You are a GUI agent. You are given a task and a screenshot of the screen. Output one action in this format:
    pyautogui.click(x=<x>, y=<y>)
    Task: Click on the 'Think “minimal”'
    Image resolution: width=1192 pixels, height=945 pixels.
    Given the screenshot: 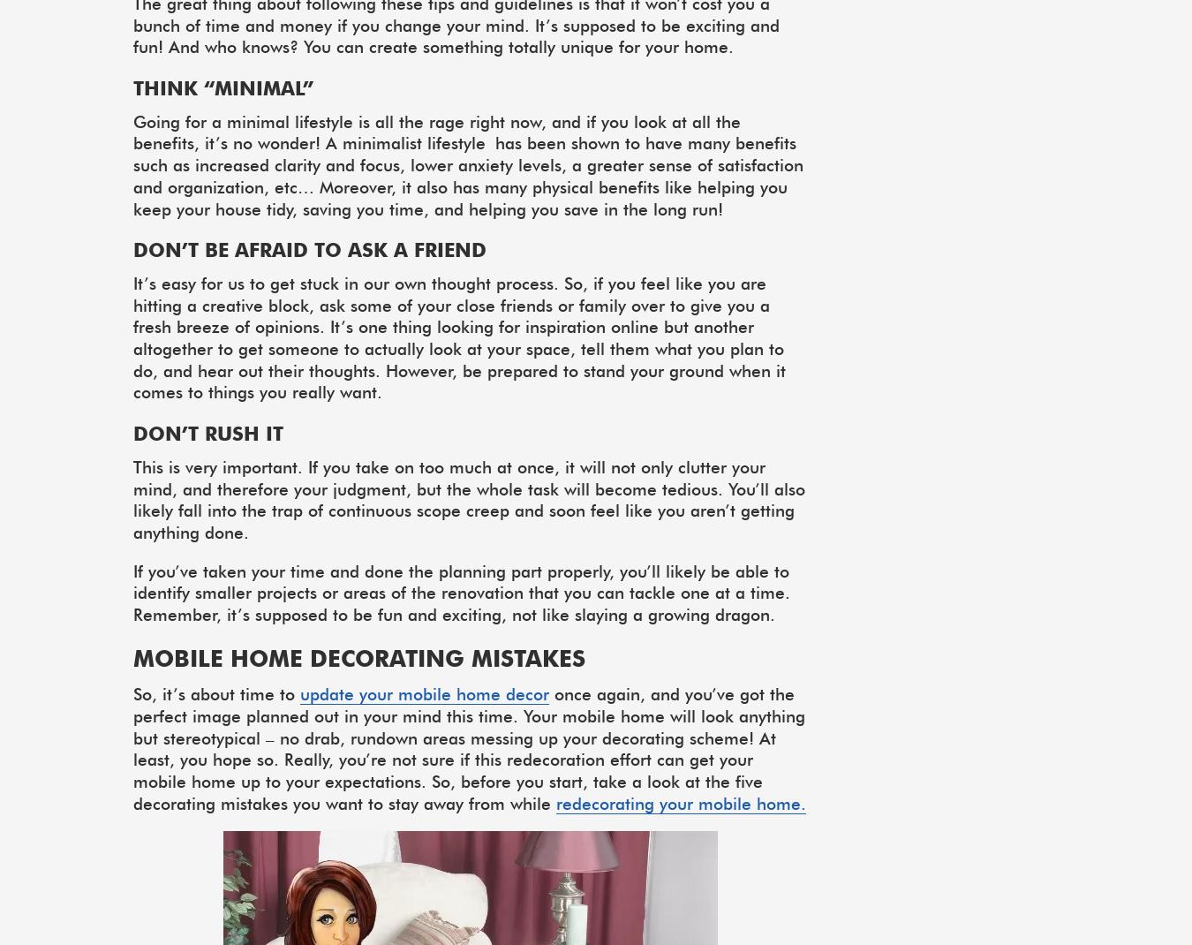 What is the action you would take?
    pyautogui.click(x=133, y=87)
    